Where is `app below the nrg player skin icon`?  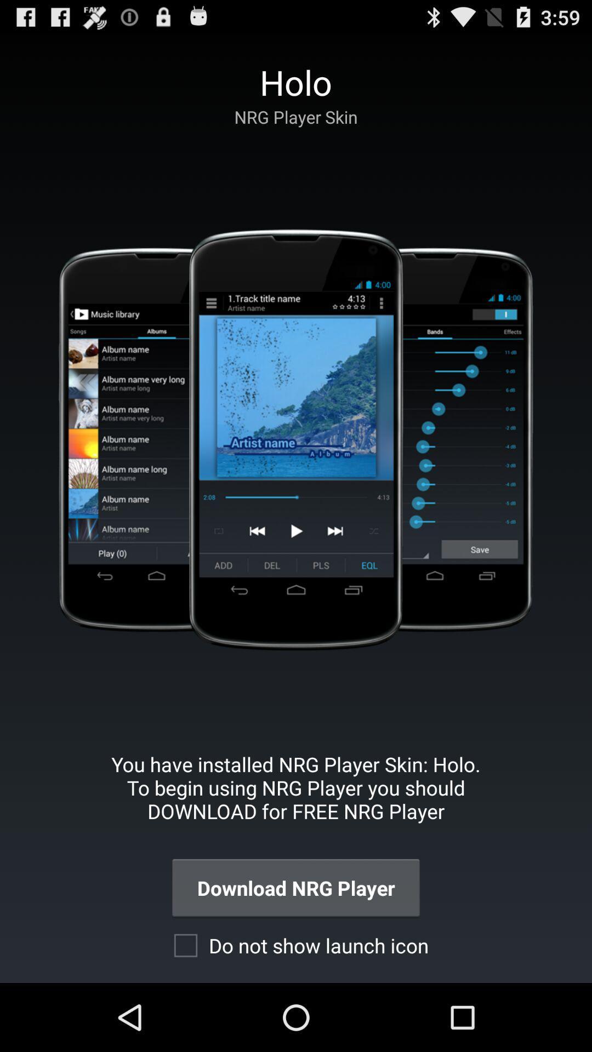 app below the nrg player skin icon is located at coordinates (295, 439).